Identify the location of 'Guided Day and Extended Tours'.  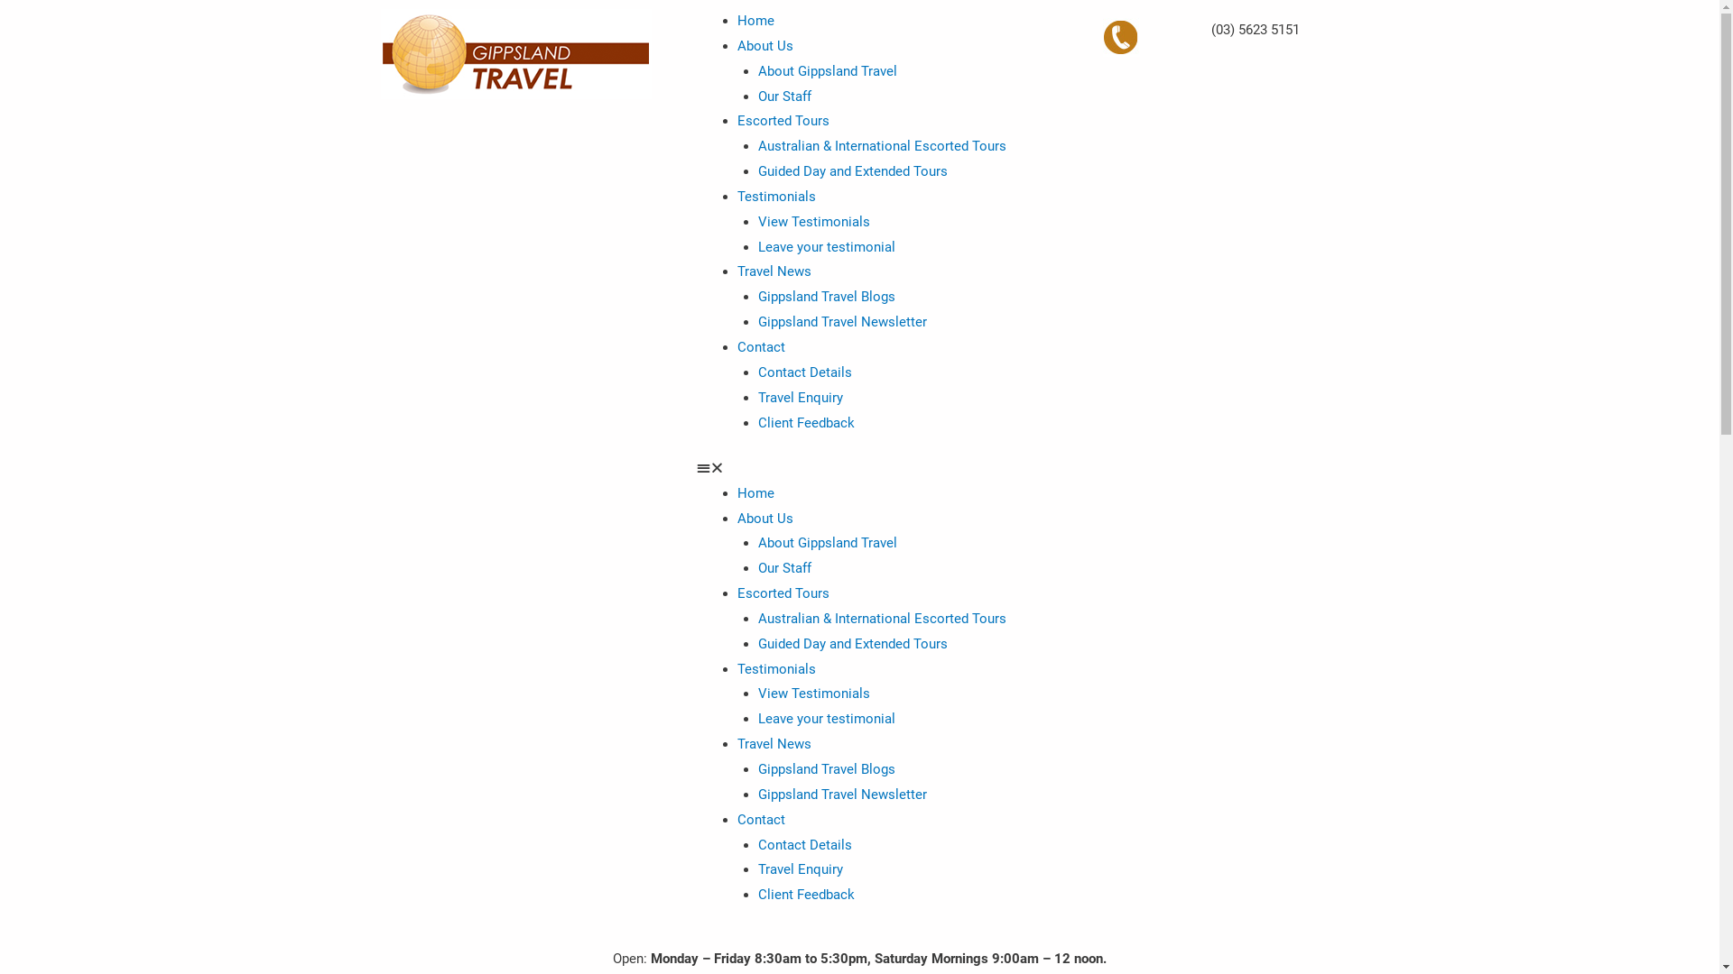
(852, 170).